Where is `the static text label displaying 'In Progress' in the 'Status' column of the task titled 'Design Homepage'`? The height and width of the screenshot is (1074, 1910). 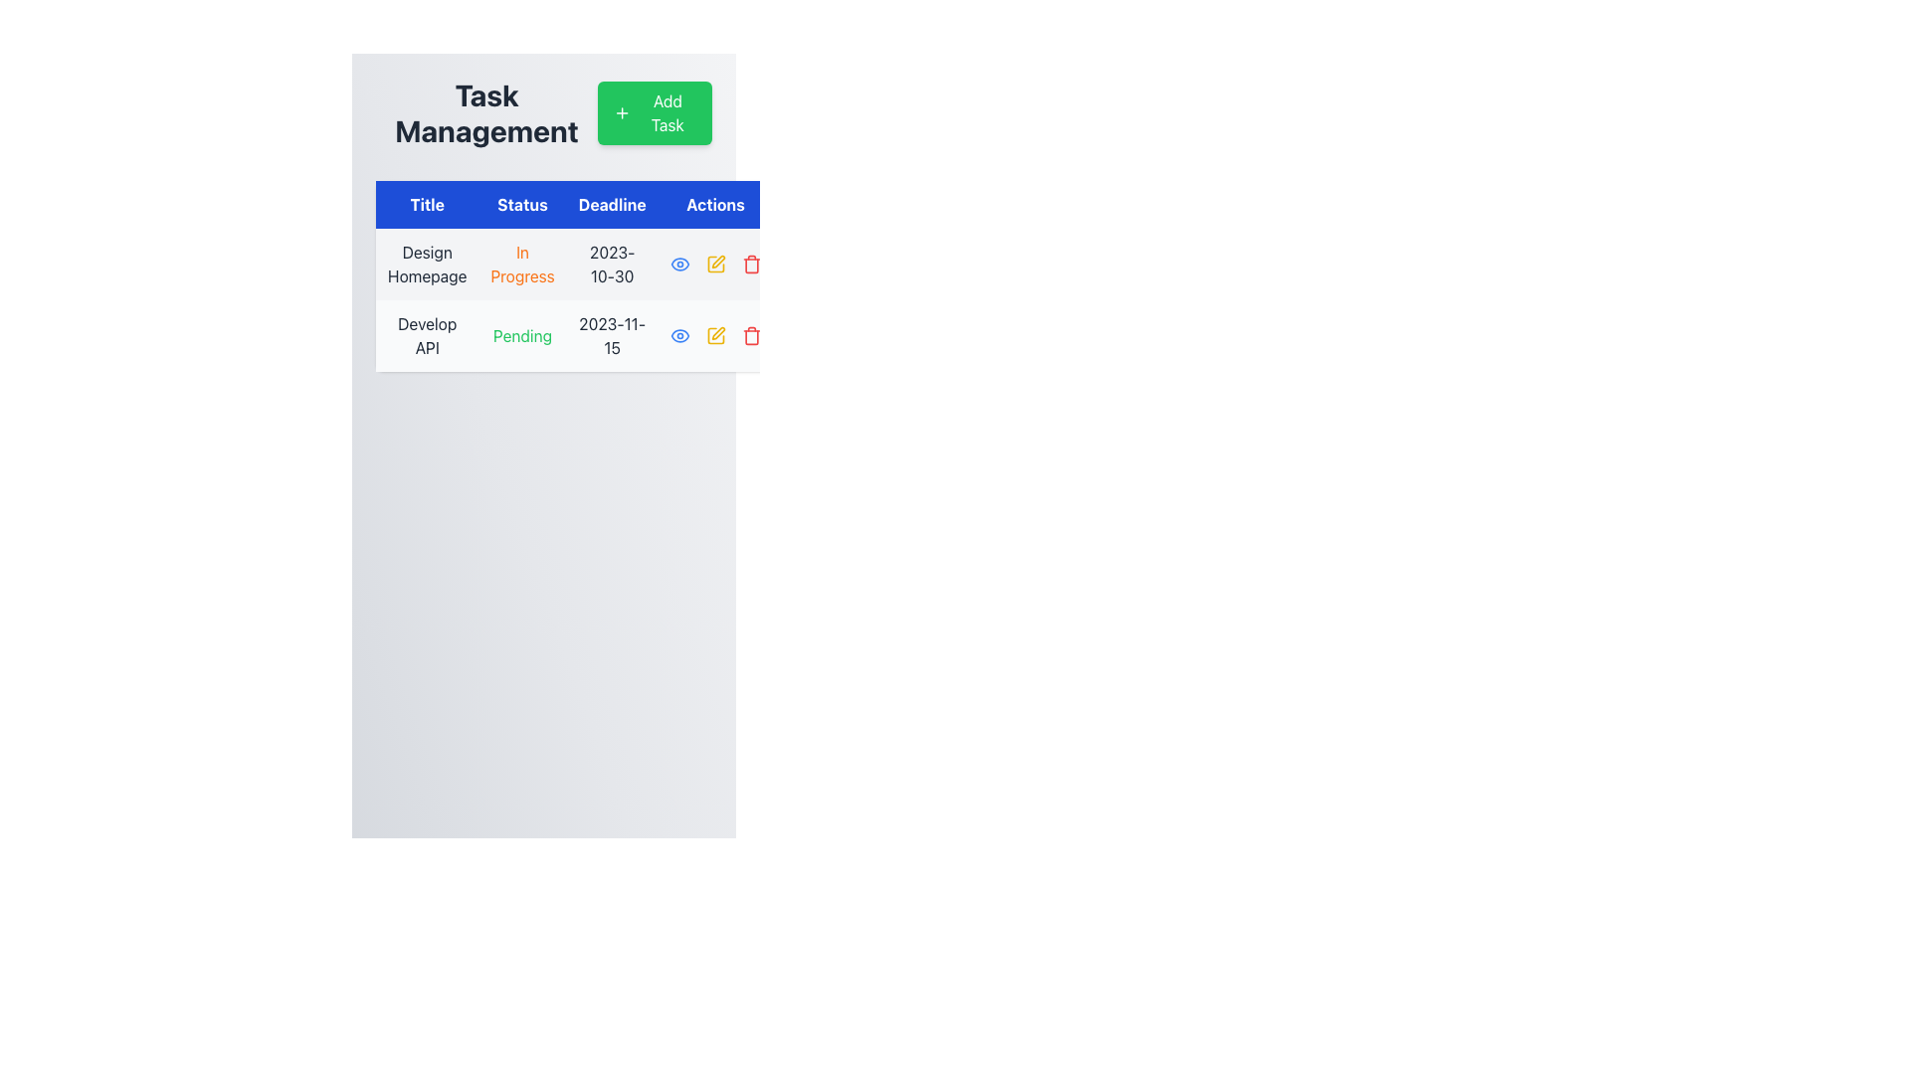 the static text label displaying 'In Progress' in the 'Status' column of the task titled 'Design Homepage' is located at coordinates (522, 264).